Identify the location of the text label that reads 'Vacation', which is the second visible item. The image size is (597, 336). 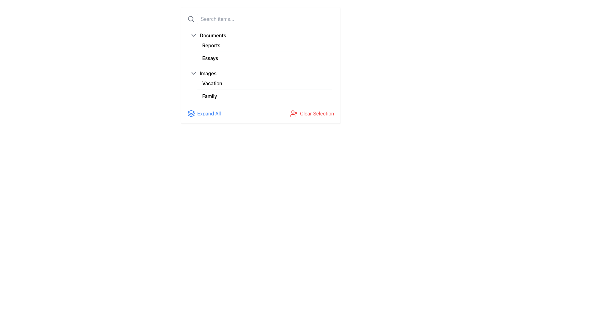
(212, 83).